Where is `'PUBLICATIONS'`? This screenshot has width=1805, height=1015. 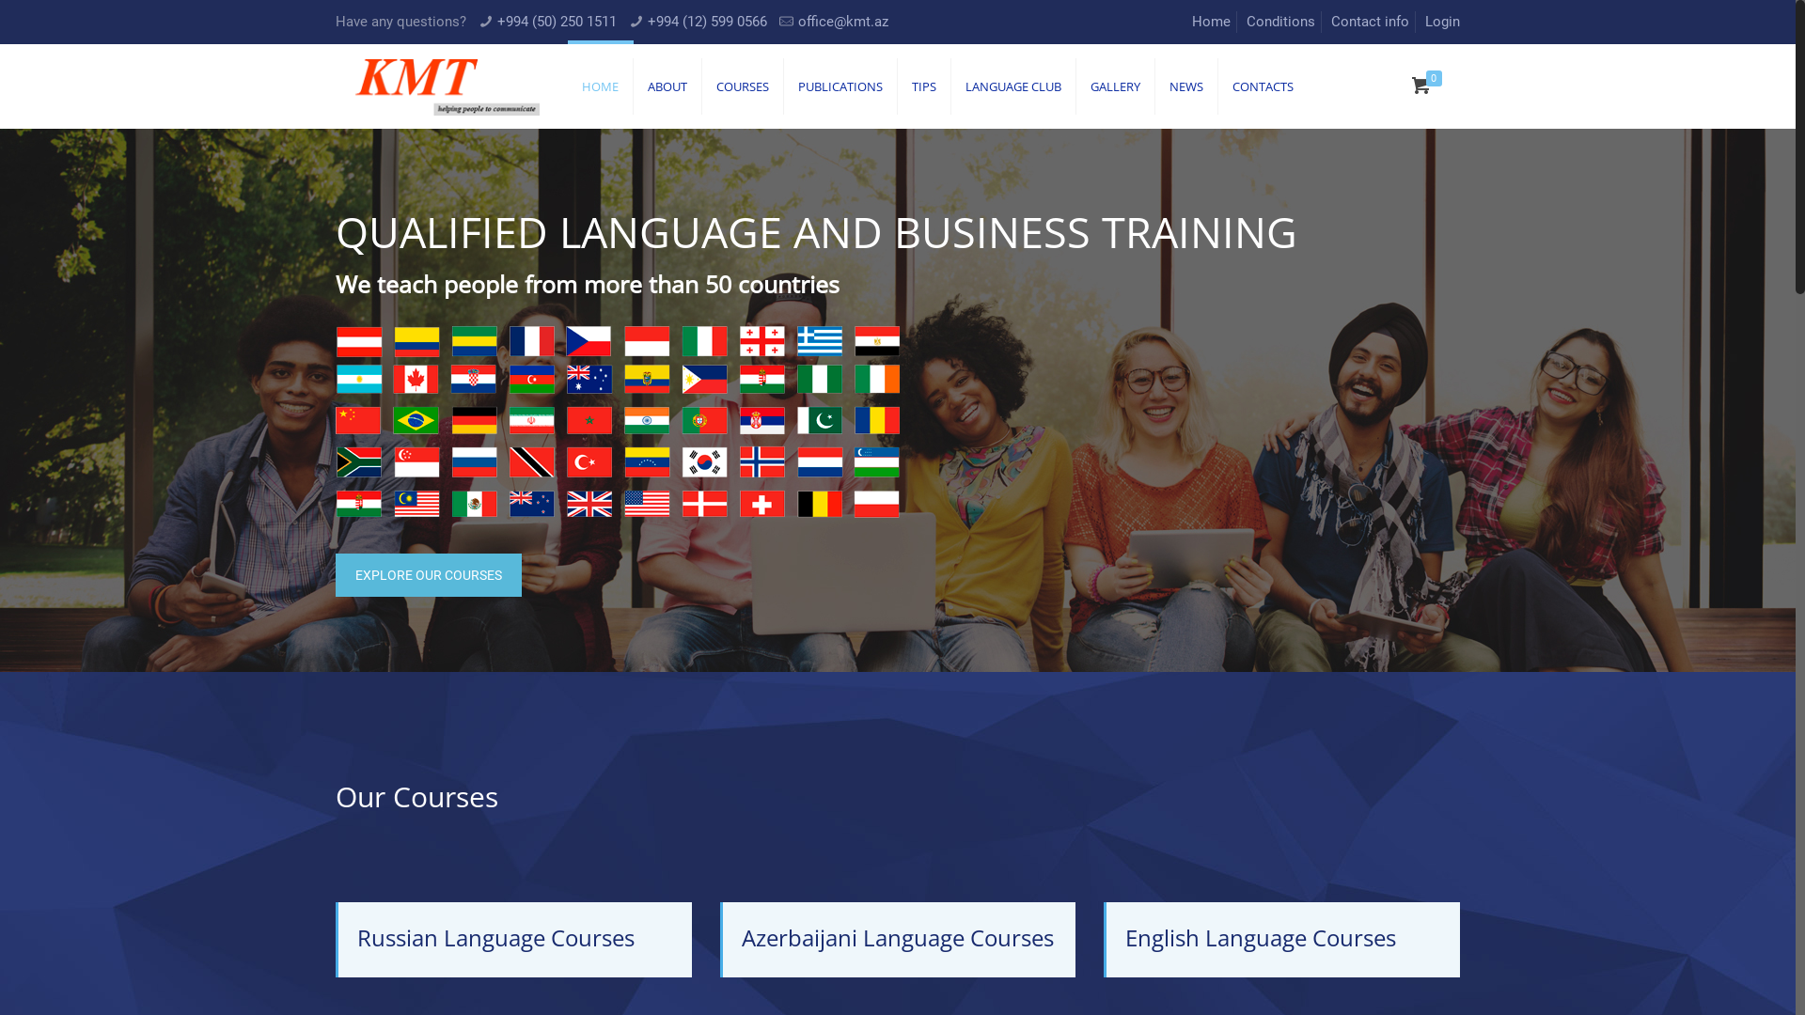
'PUBLICATIONS' is located at coordinates (840, 86).